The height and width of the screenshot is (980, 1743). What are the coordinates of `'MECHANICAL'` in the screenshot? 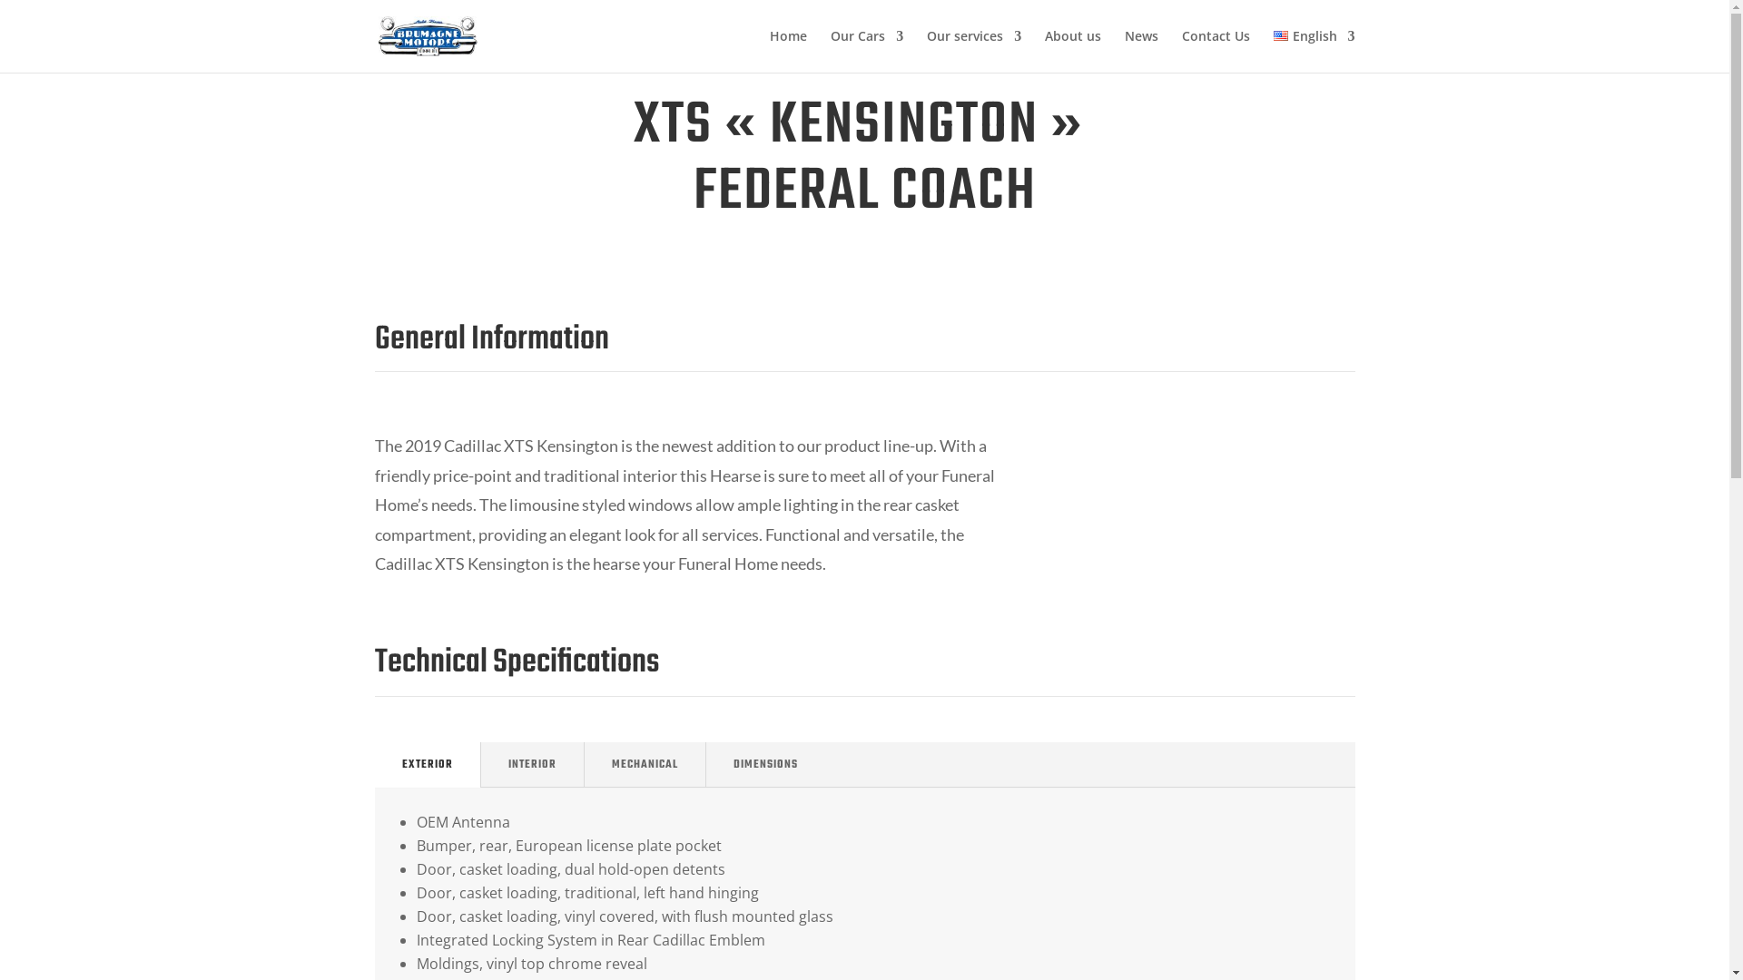 It's located at (645, 765).